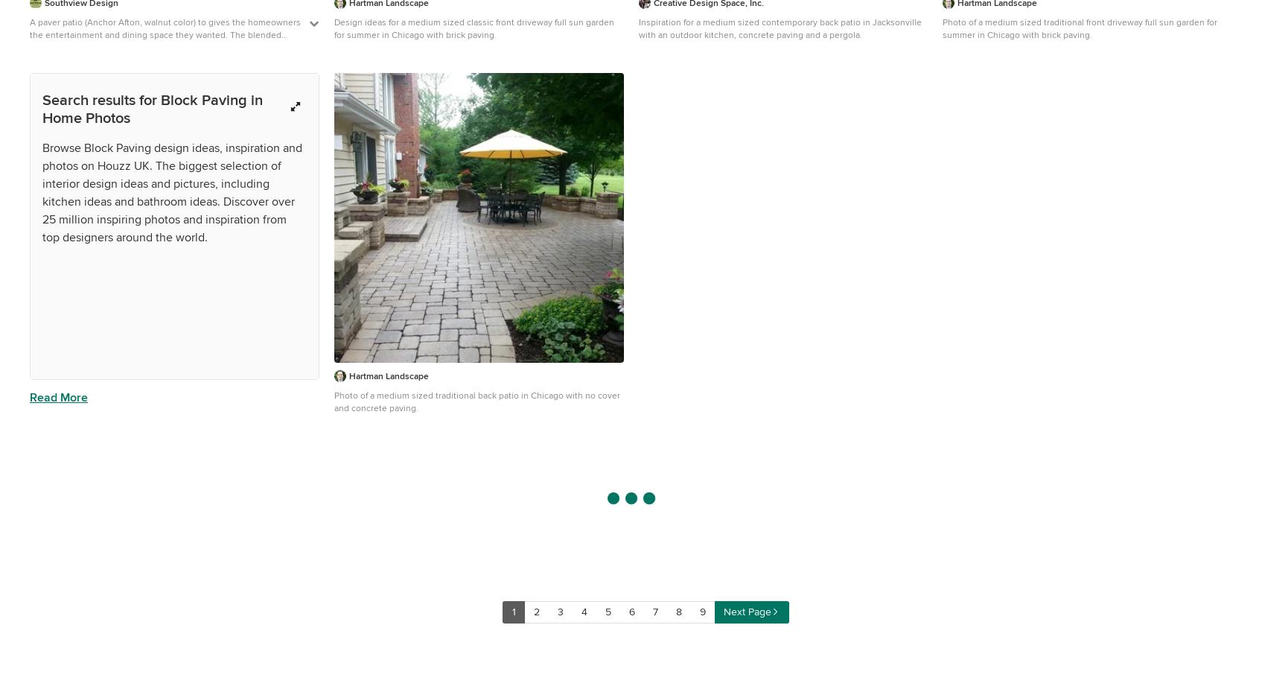 Image resolution: width=1262 pixels, height=698 pixels. I want to click on 'Next Page', so click(746, 610).